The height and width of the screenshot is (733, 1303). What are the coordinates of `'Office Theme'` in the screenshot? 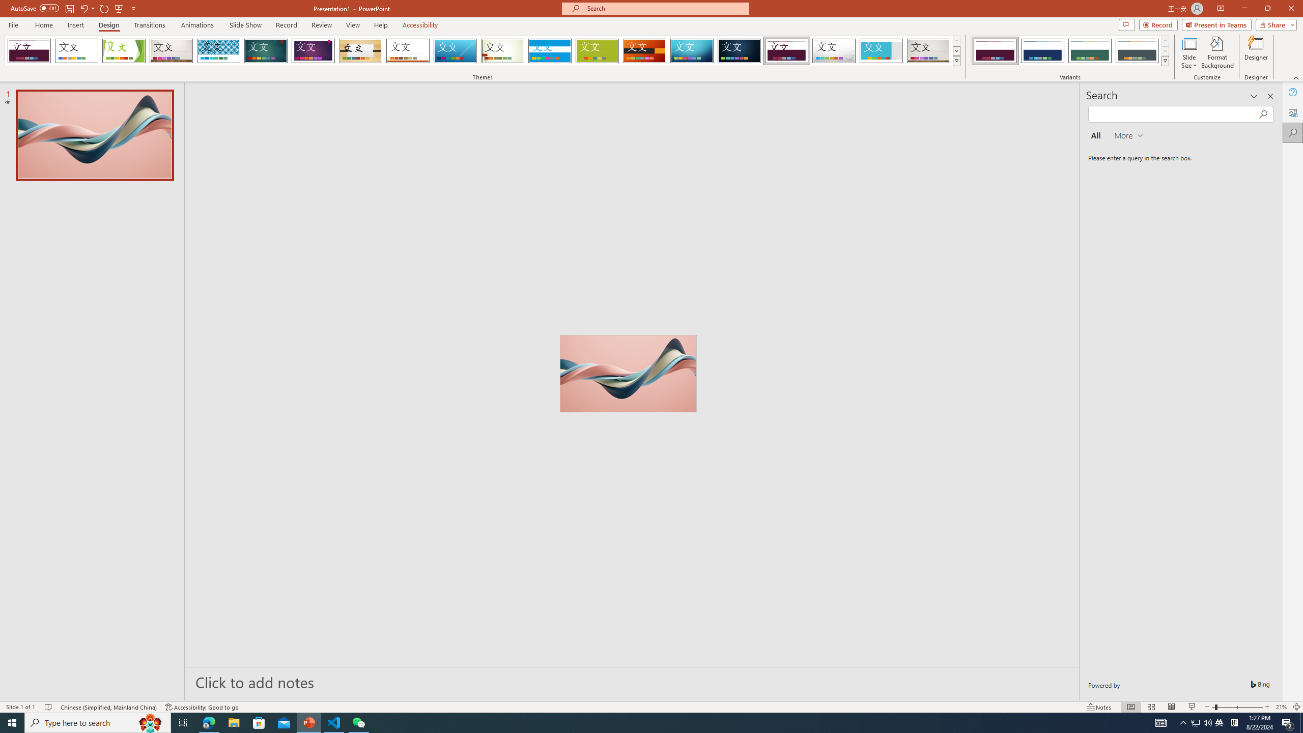 It's located at (76, 50).